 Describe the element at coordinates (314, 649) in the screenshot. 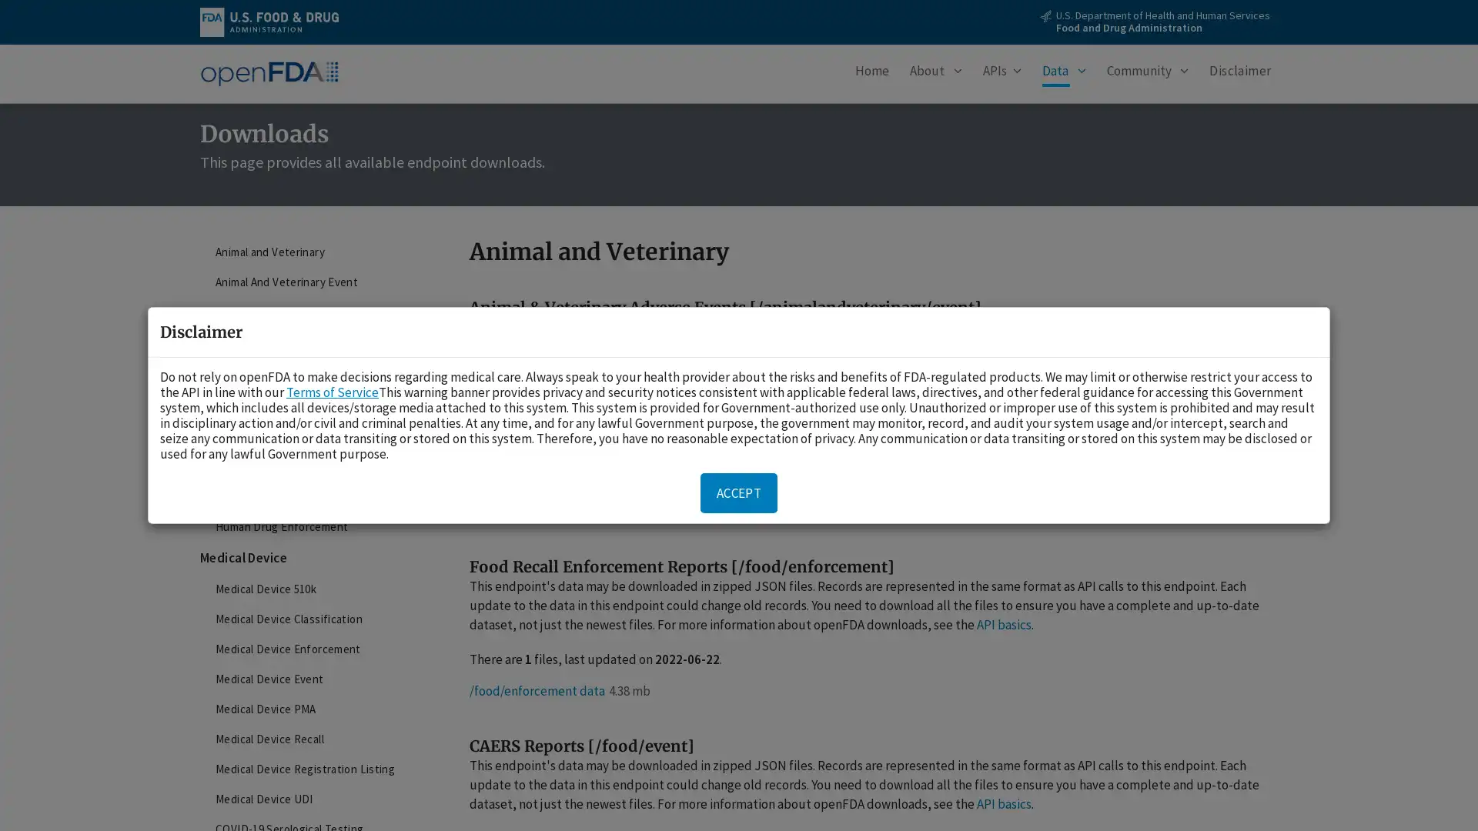

I see `Medical Device Enforcement` at that location.